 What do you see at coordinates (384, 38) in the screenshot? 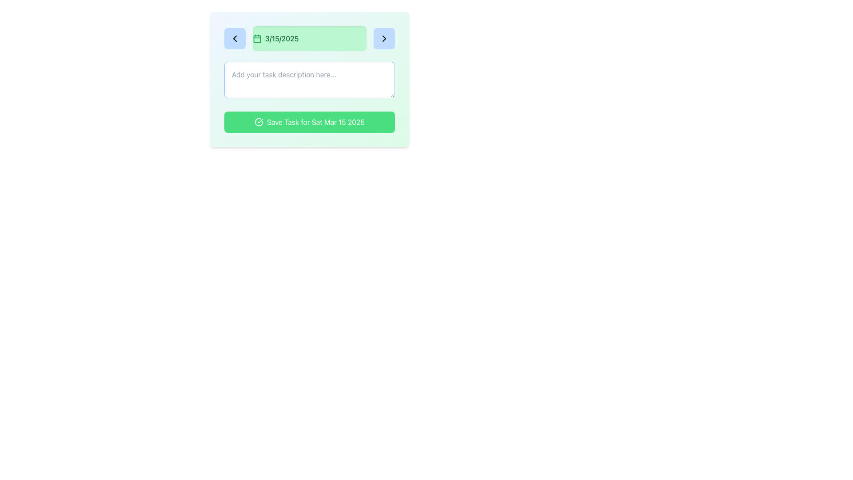
I see `the Arrow Icon located at the top-right corner of the interface, which indicates navigation or progression` at bounding box center [384, 38].